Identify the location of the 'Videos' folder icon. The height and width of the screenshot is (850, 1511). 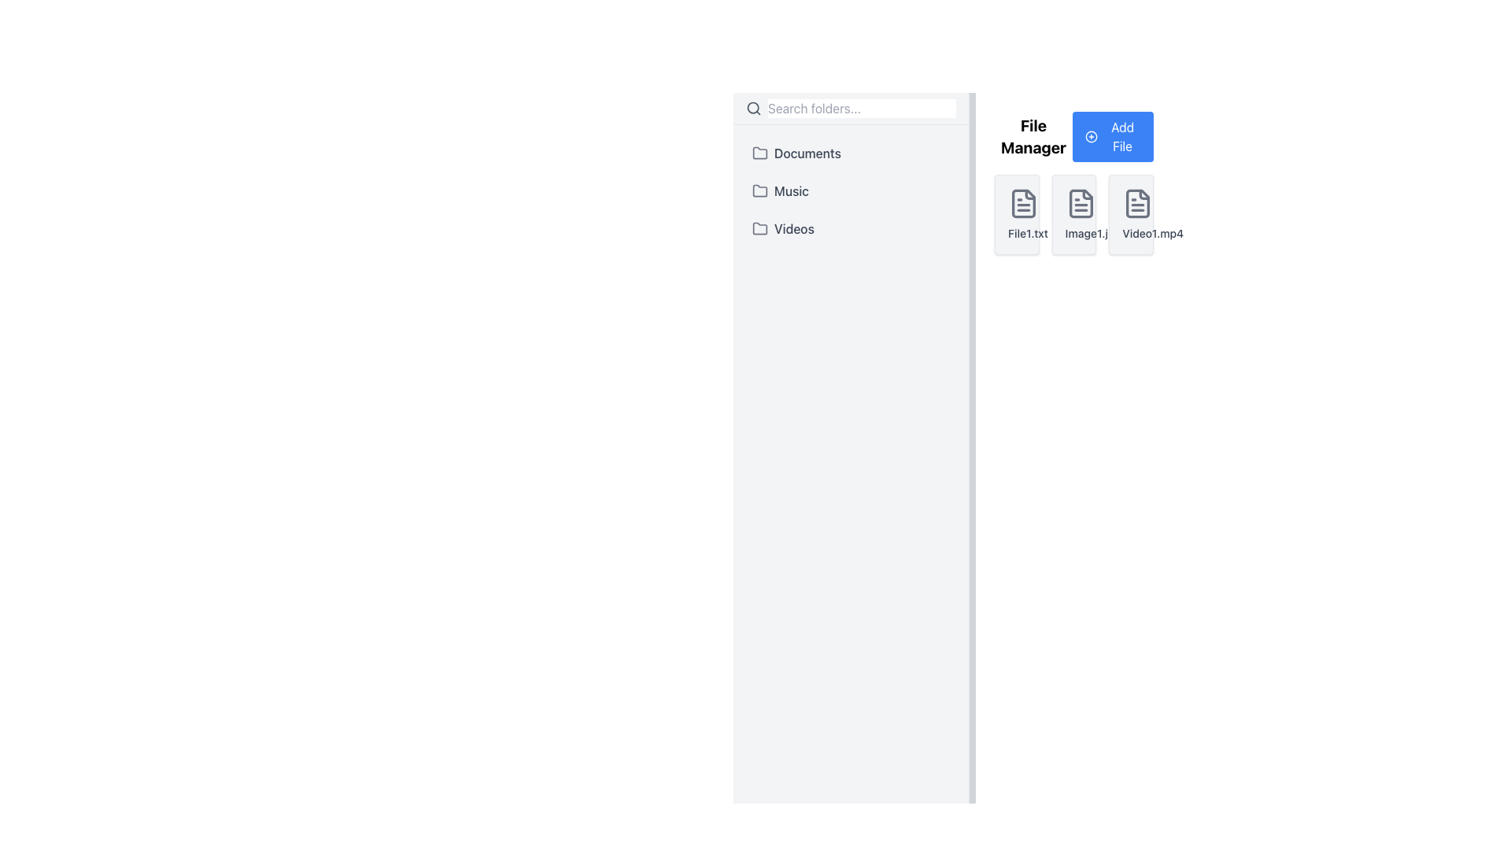
(759, 227).